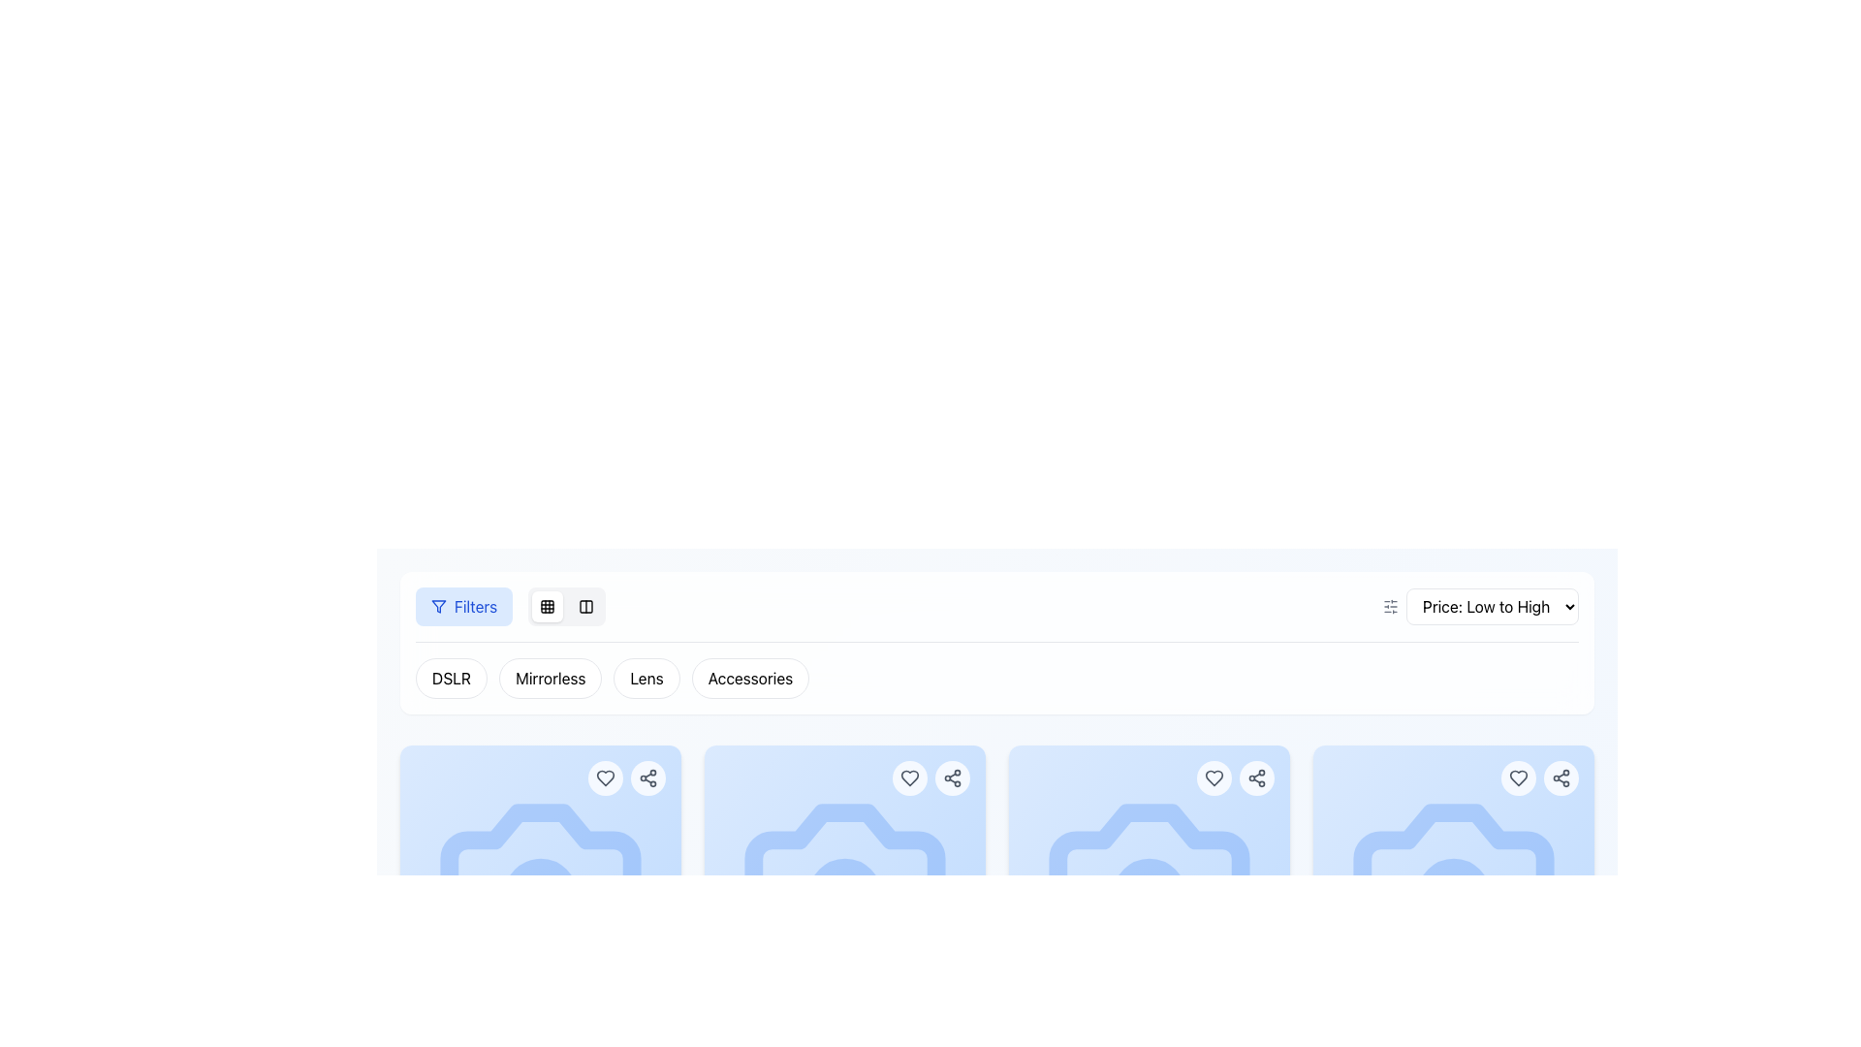  What do you see at coordinates (647, 777) in the screenshot?
I see `the circular button with a sharing symbol in the top-right corner of the image card to observe the styling change` at bounding box center [647, 777].